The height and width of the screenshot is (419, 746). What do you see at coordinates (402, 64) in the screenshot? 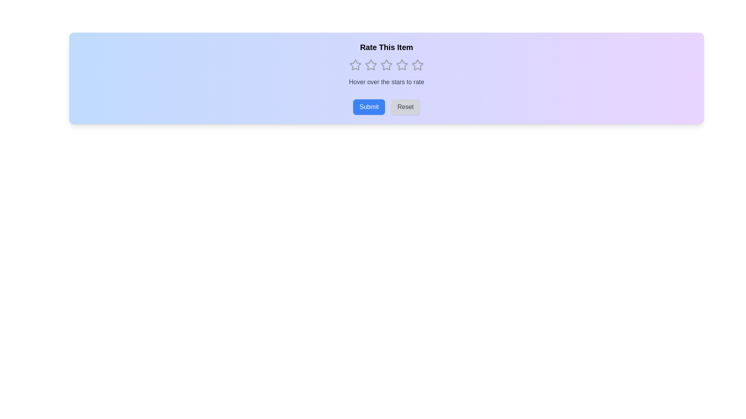
I see `the third star in the rating system located under the heading 'Rate This Item'` at bounding box center [402, 64].